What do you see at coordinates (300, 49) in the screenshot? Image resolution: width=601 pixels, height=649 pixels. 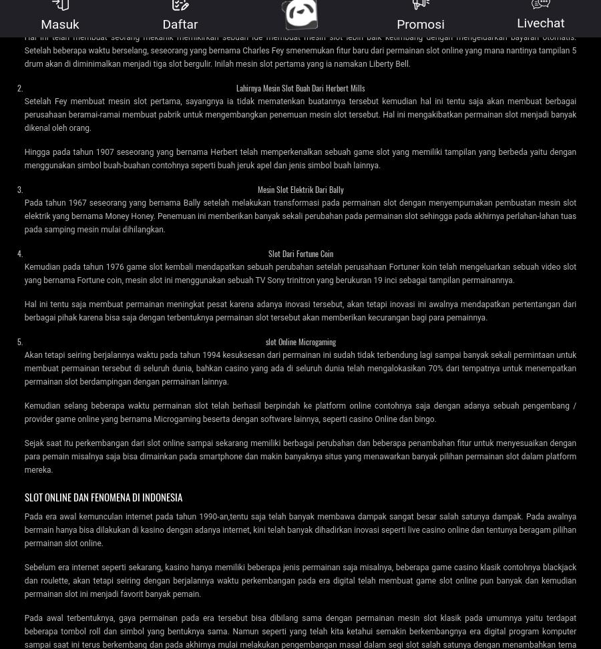 I see `'Hal ini telah membuat seorang mekanik memikirkan sebuah ide membuat mesin slot lebih baik ketimbang dengan mengeluarkan bayaran otomatis. Setelah beberapa waktu berselang, seseorang yang bernama Charles Fey smenemukan fitur baru dari permainan slot online yang mana nantinya tampilan 5 drum akan di diminimalkan menjadi tiga slot bergulir. Inilah mesin slot pertama yang ia namakan Liberty Bell.'` at bounding box center [300, 49].